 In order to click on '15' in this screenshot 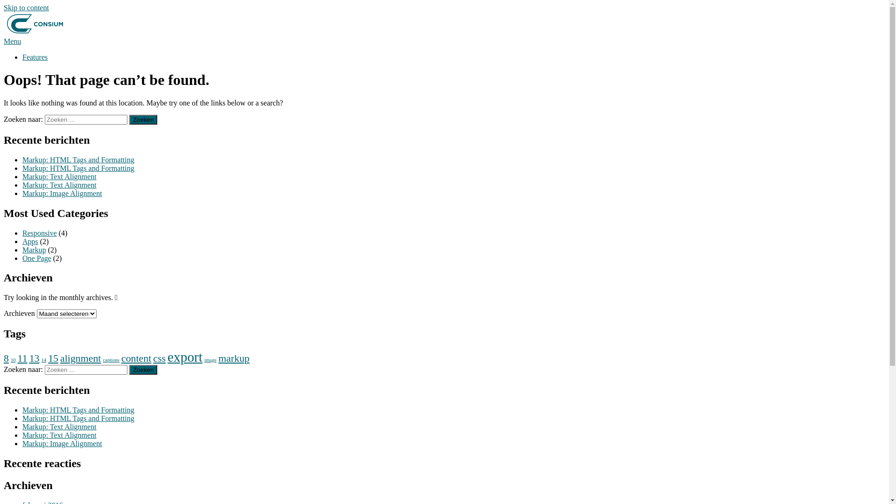, I will do `click(53, 357)`.